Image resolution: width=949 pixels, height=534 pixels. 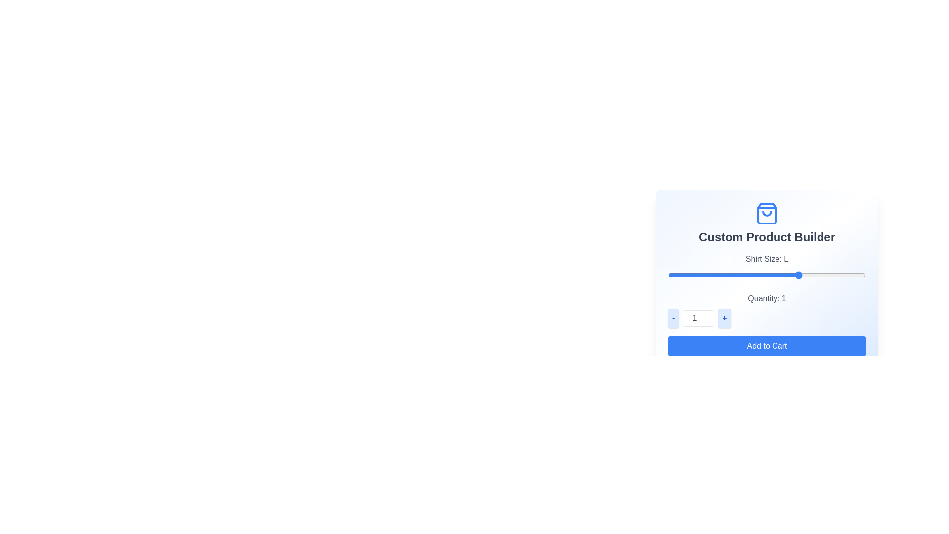 What do you see at coordinates (724, 318) in the screenshot?
I see `the '+' button to increment the quantity of the selected item, which is located to the right of the numeric input field and between the '-' button and the 'Add to Cart' button` at bounding box center [724, 318].